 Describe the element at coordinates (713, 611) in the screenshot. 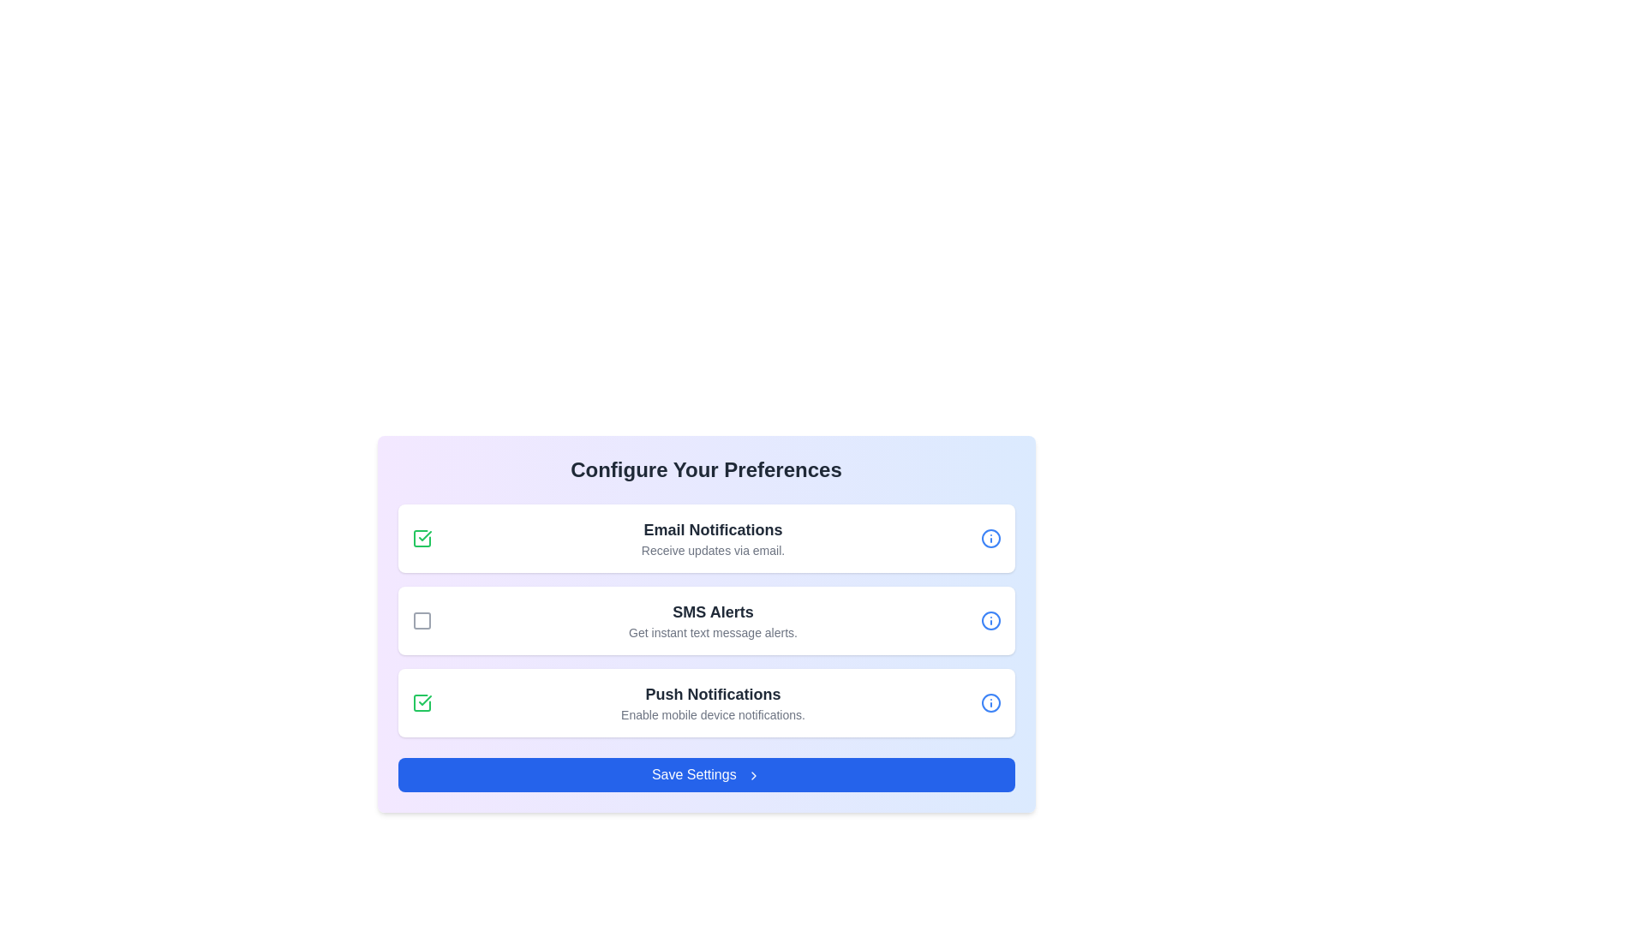

I see `bold, large dark gray heading text that says 'SMS Alerts', which is located at the center of the card in the 'Configure Your Preferences' section` at that location.